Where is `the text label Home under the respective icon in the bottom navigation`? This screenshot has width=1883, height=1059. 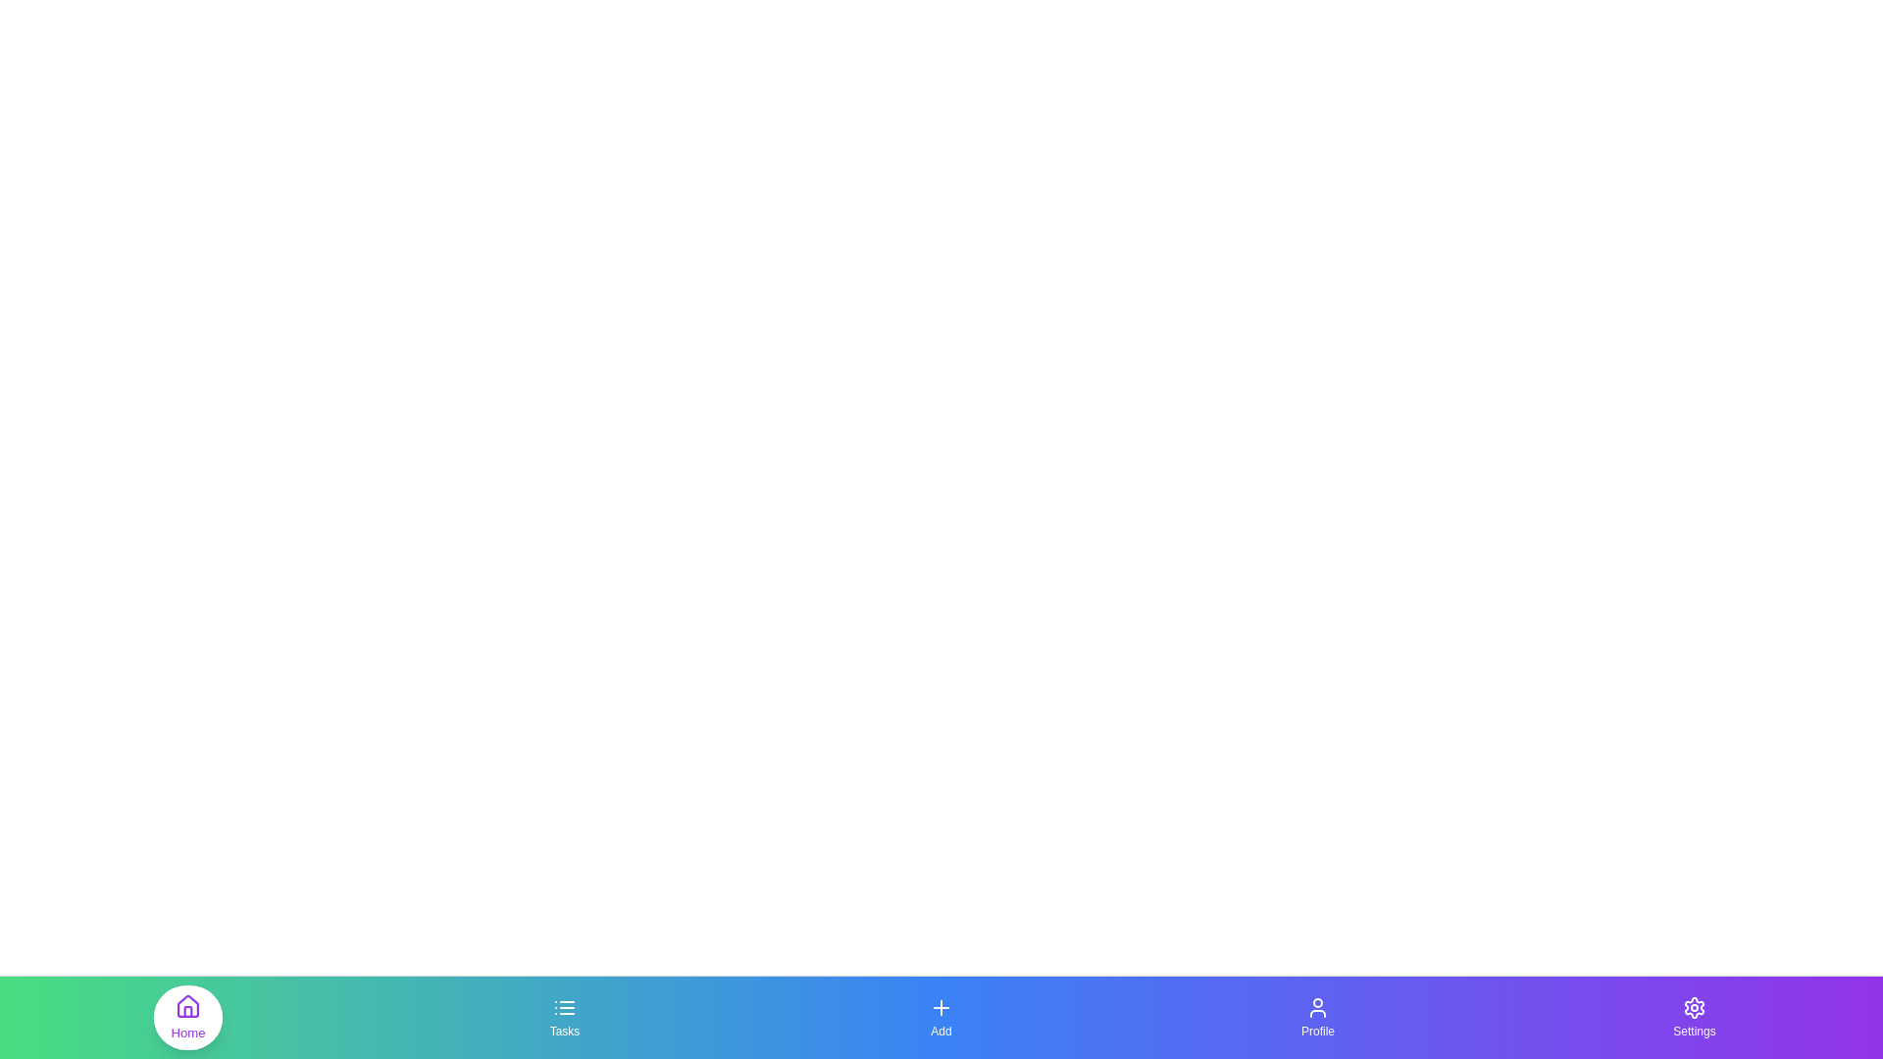 the text label Home under the respective icon in the bottom navigation is located at coordinates (188, 1032).